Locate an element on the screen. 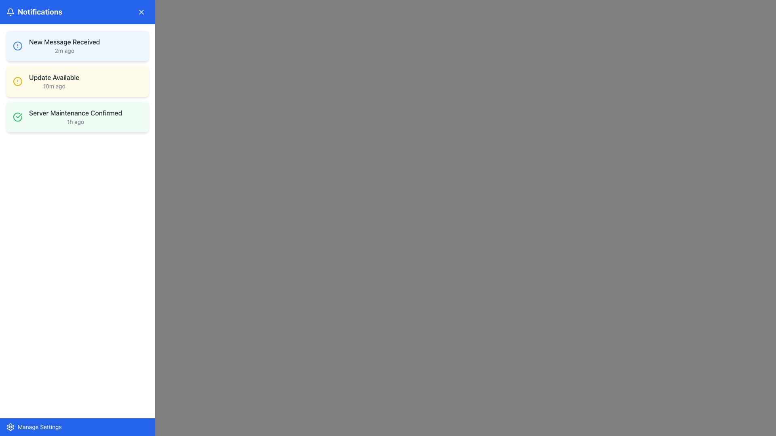  text content of the Text Label located beneath 'Server Maintenance Confirmed' in the third notification card from the top is located at coordinates (76, 122).